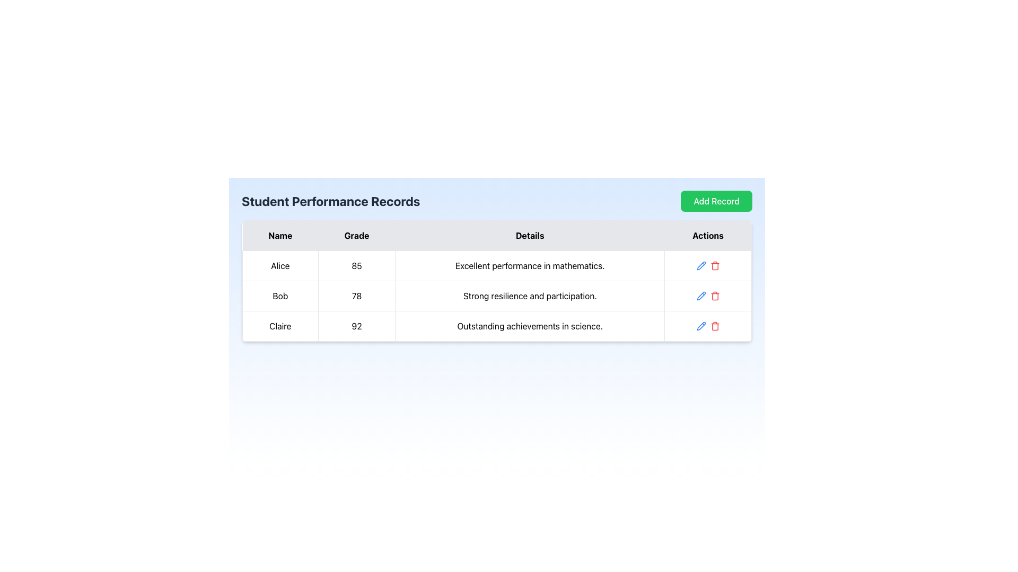  I want to click on the static text element that describes Alice's performance in mathematics with a grade of 85, which is located in the 'Details' column of the table, so click(530, 265).